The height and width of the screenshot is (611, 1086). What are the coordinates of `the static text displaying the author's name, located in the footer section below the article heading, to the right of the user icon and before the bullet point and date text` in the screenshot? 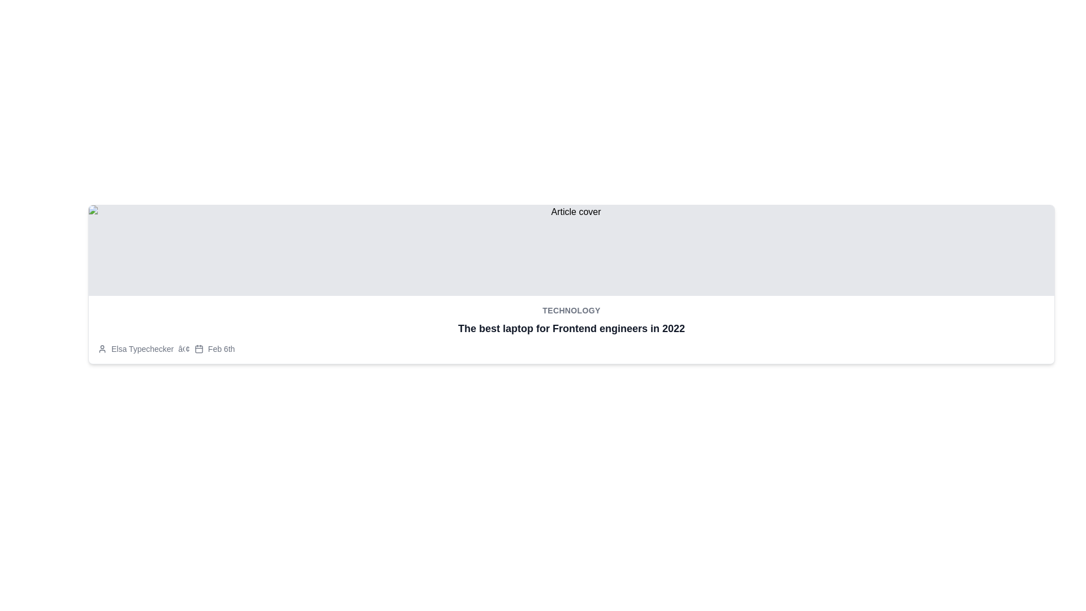 It's located at (142, 348).